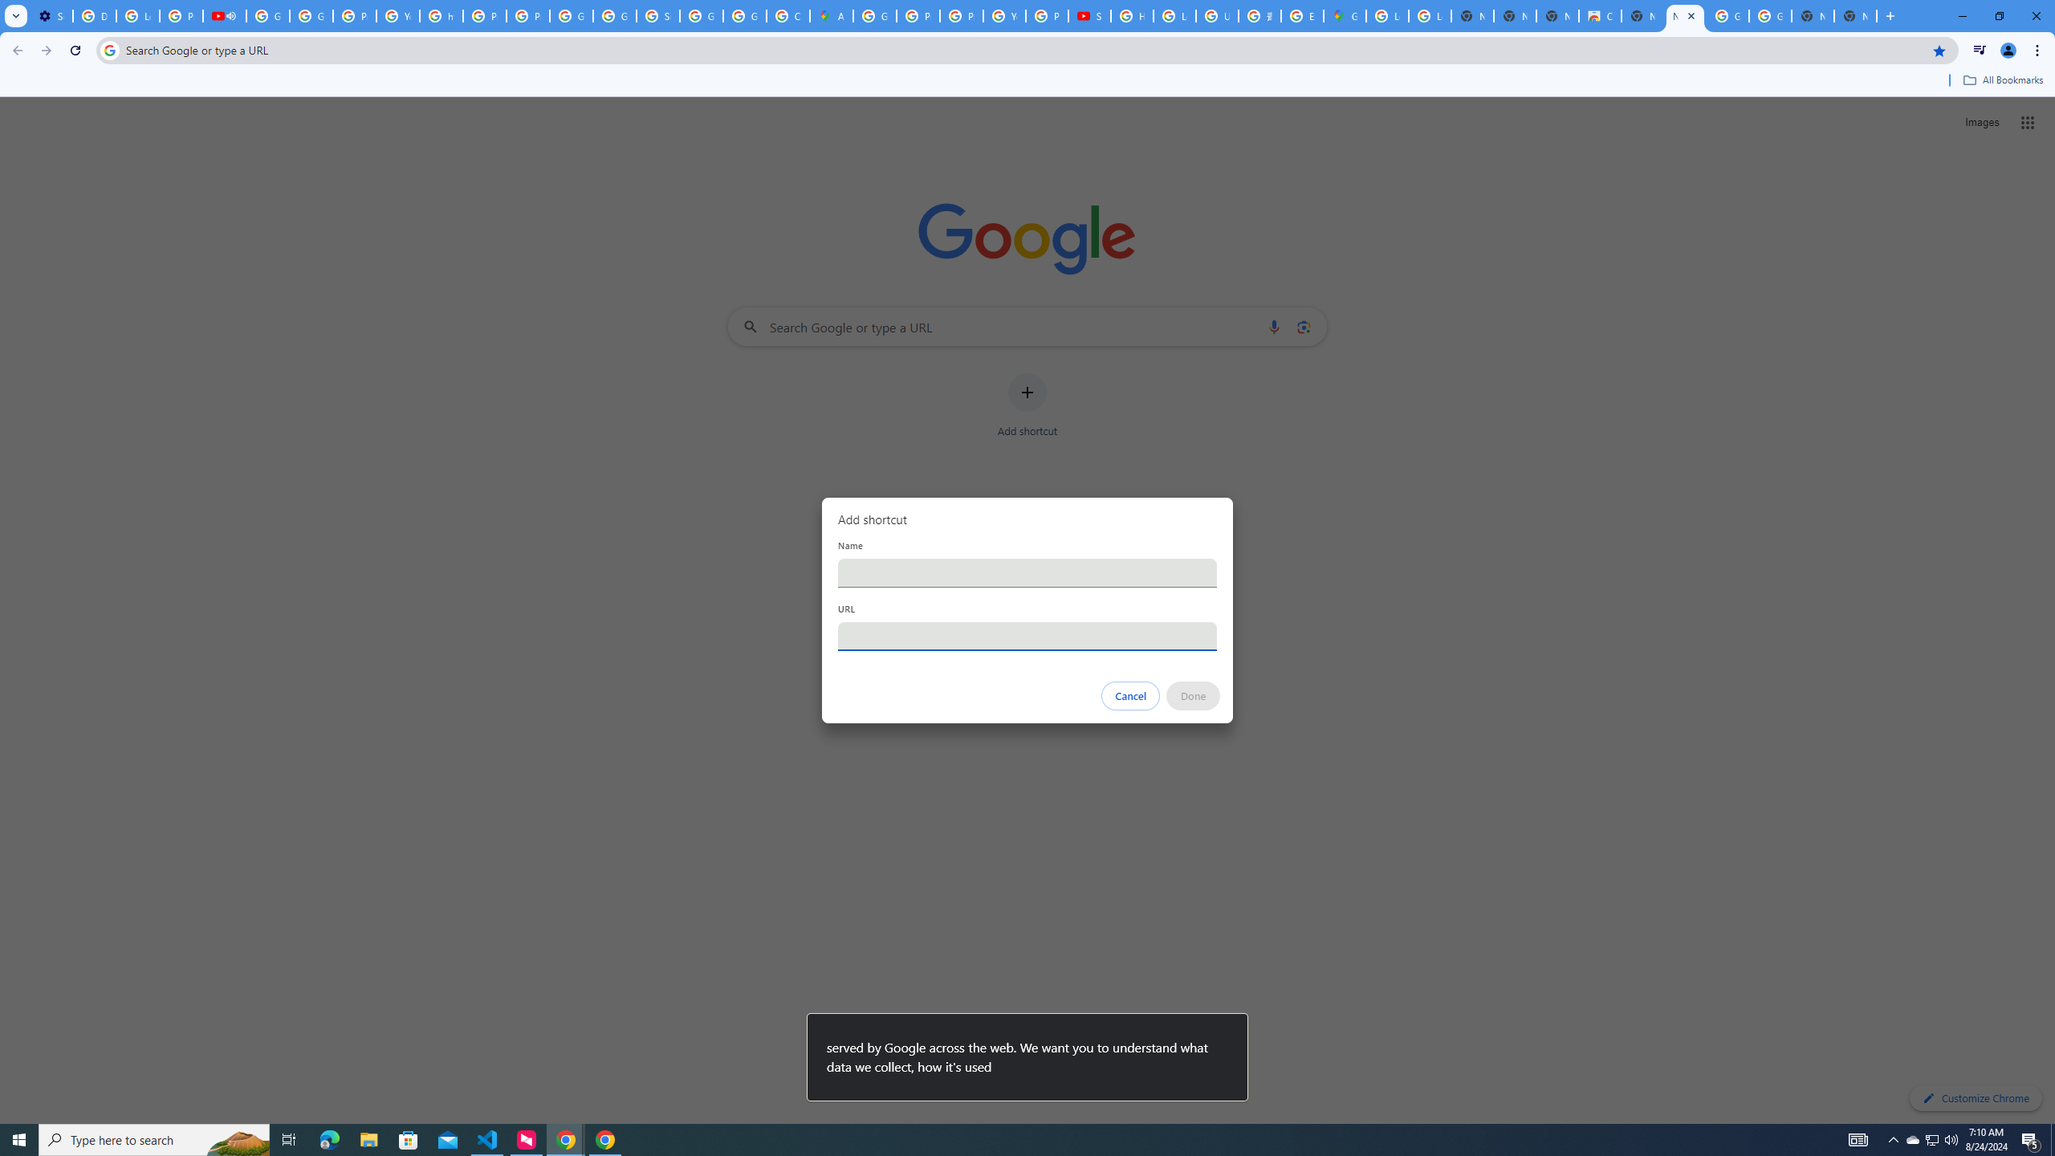 The height and width of the screenshot is (1156, 2055). Describe the element at coordinates (918, 15) in the screenshot. I see `'Privacy Help Center - Policies Help'` at that location.